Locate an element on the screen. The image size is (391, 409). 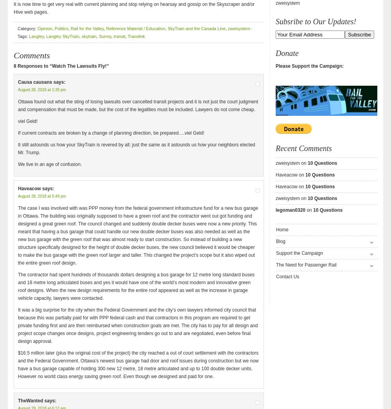
'The contractor had spent hundreds of thousands dollars designing a bus garage for 12 metre long standard buses and 18 metre long articulated buses and yes it would have one of the world’s most modern and innovative green roof designs. When the new design requirements for the entire roof appeared as well as the increase in garage vehicle capacity, lawyers were contacted.' is located at coordinates (18, 286).